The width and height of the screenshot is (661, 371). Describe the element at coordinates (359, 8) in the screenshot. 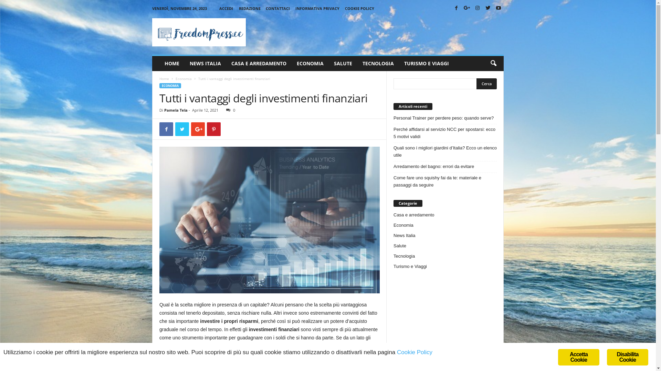

I see `'COOKIE POLICY'` at that location.